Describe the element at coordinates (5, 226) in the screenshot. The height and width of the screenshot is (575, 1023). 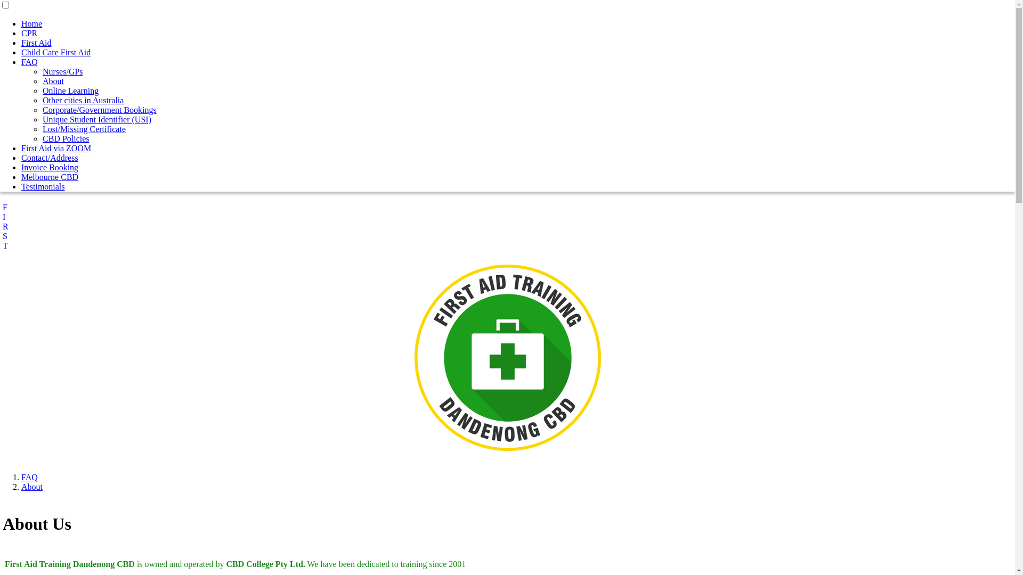
I see `'F` at that location.